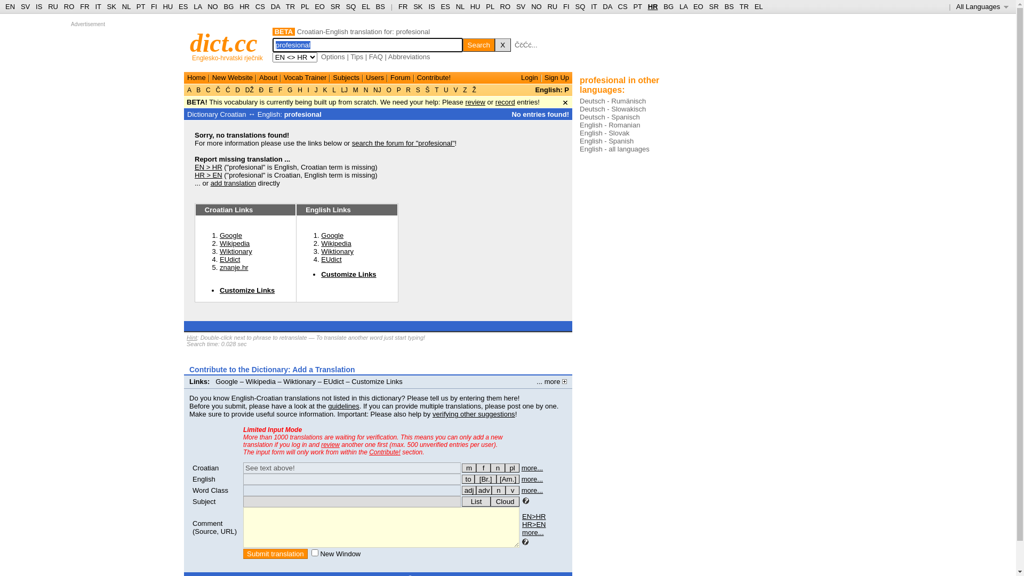  What do you see at coordinates (233, 182) in the screenshot?
I see `'add translation'` at bounding box center [233, 182].